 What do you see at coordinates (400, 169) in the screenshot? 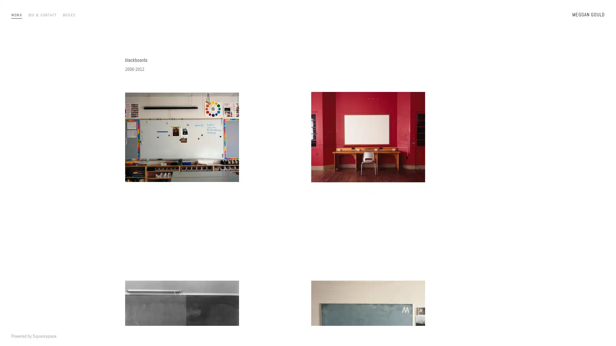
I see `View fullsize bbs-4.jpg` at bounding box center [400, 169].